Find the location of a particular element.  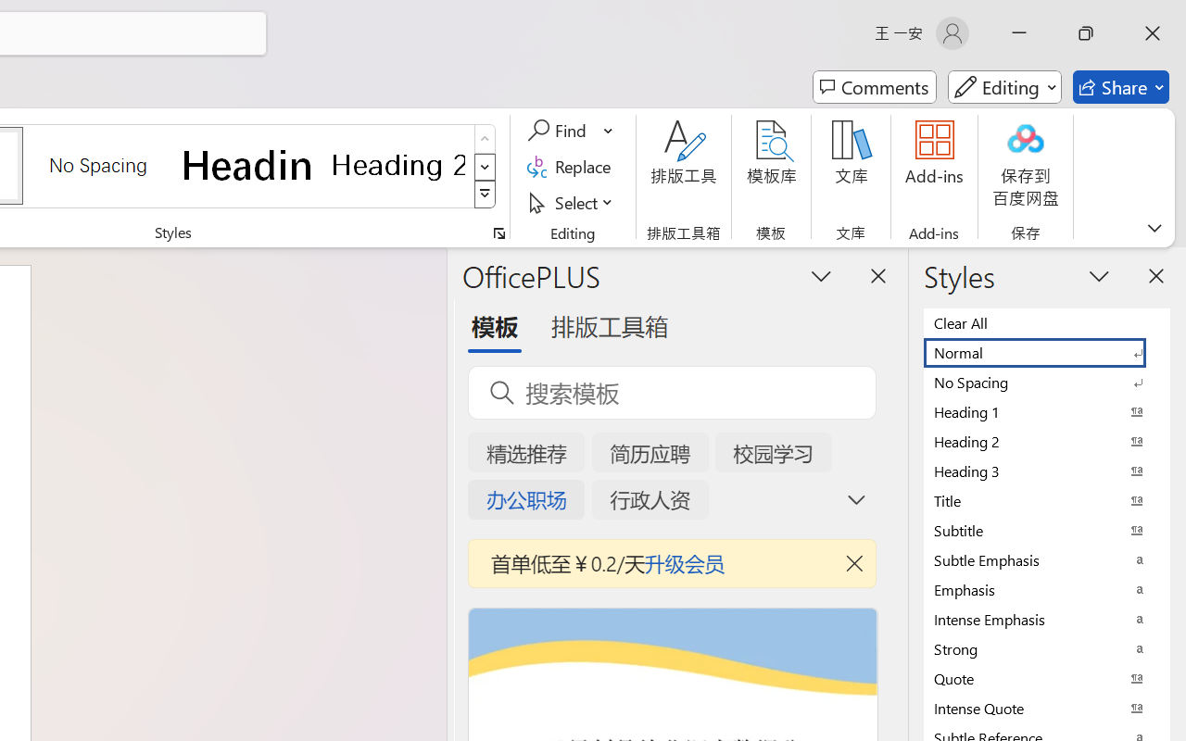

'Title' is located at coordinates (1047, 500).